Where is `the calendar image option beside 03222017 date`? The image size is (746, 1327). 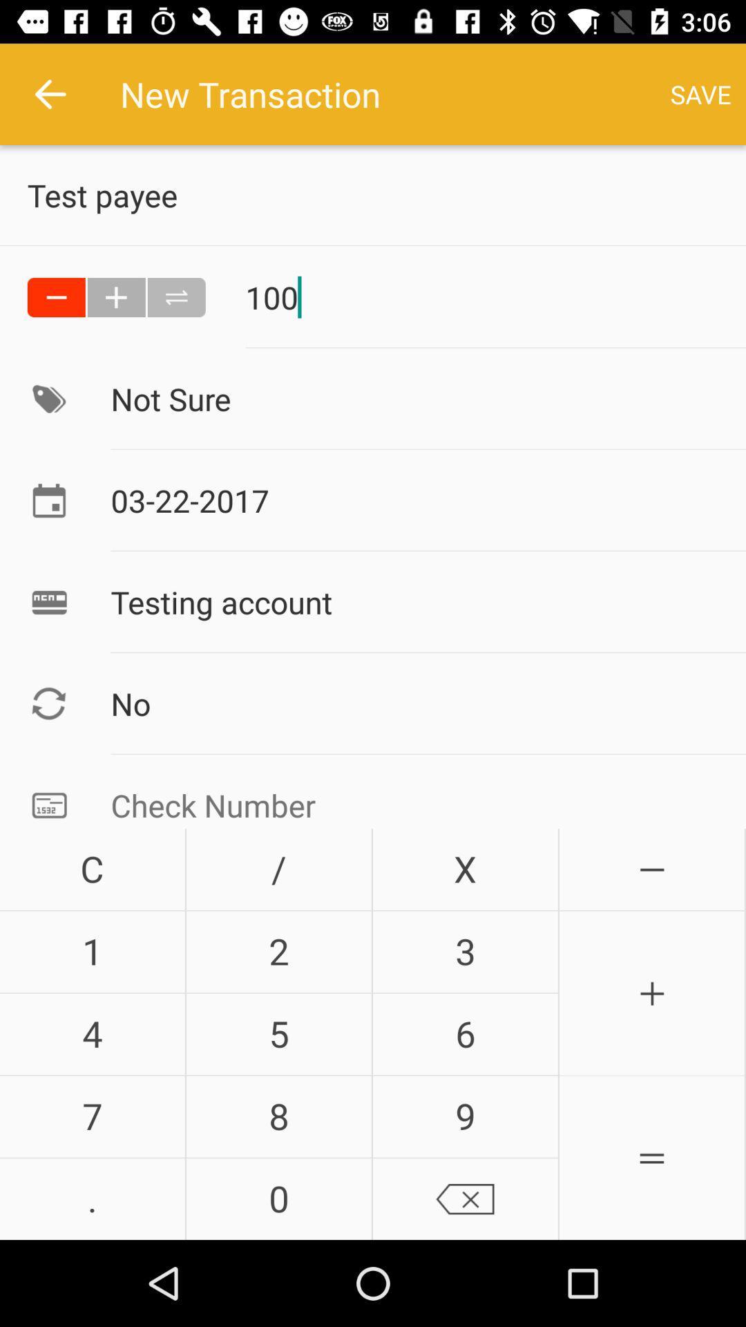 the calendar image option beside 03222017 date is located at coordinates (48, 500).